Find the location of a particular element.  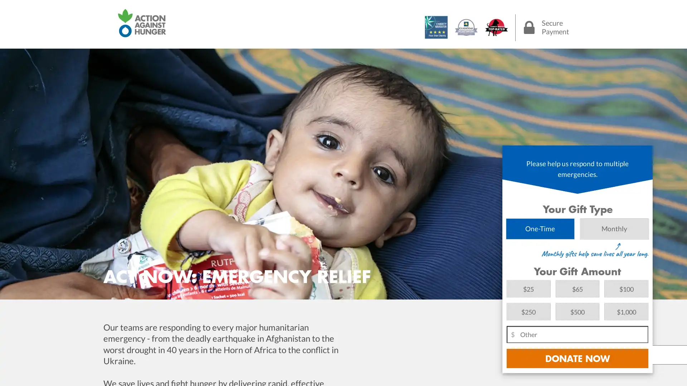

$500 is located at coordinates (577, 311).